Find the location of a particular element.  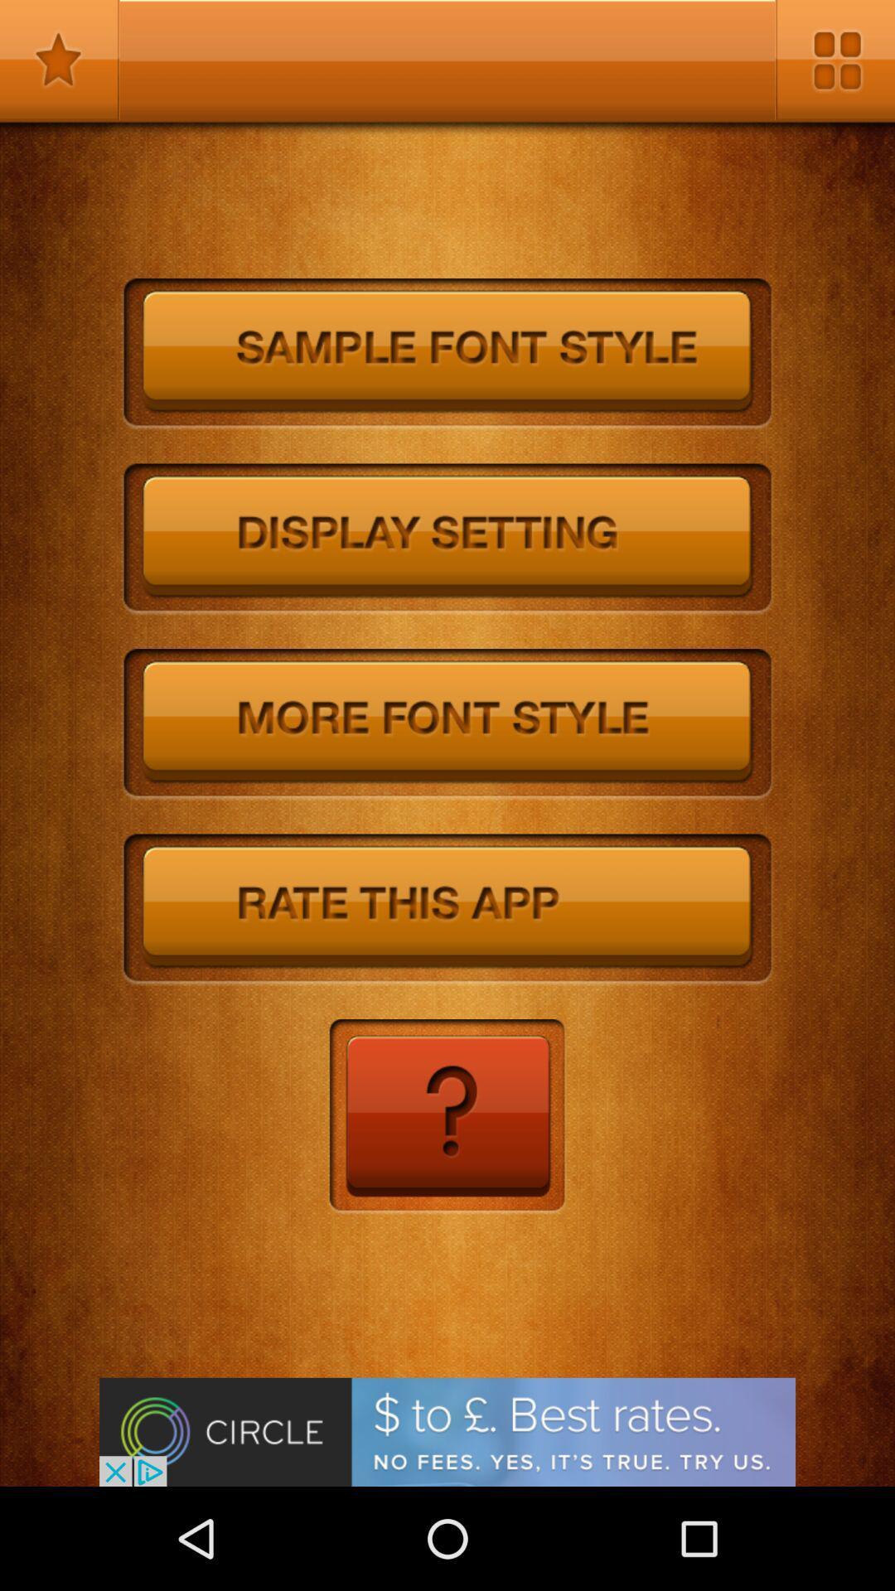

mark as favorite is located at coordinates (59, 60).